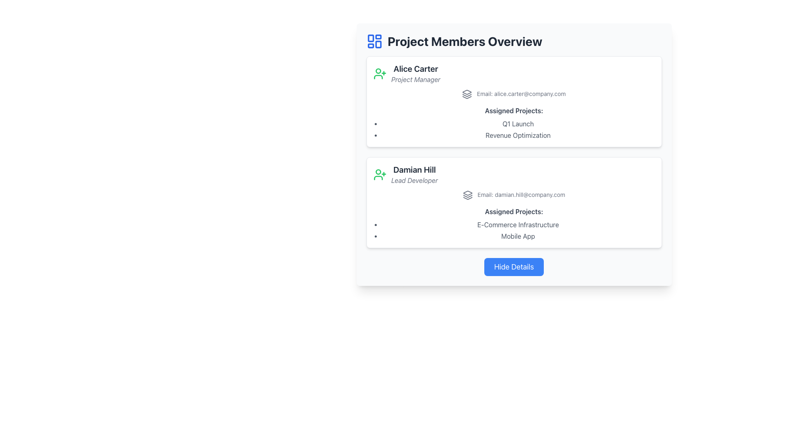 The height and width of the screenshot is (443, 788). What do you see at coordinates (378, 178) in the screenshot?
I see `the curved line styled to resemble the bottom part of the user icon representing the profile of 'Damian Hill' within the SVG graphic in the second user card` at bounding box center [378, 178].